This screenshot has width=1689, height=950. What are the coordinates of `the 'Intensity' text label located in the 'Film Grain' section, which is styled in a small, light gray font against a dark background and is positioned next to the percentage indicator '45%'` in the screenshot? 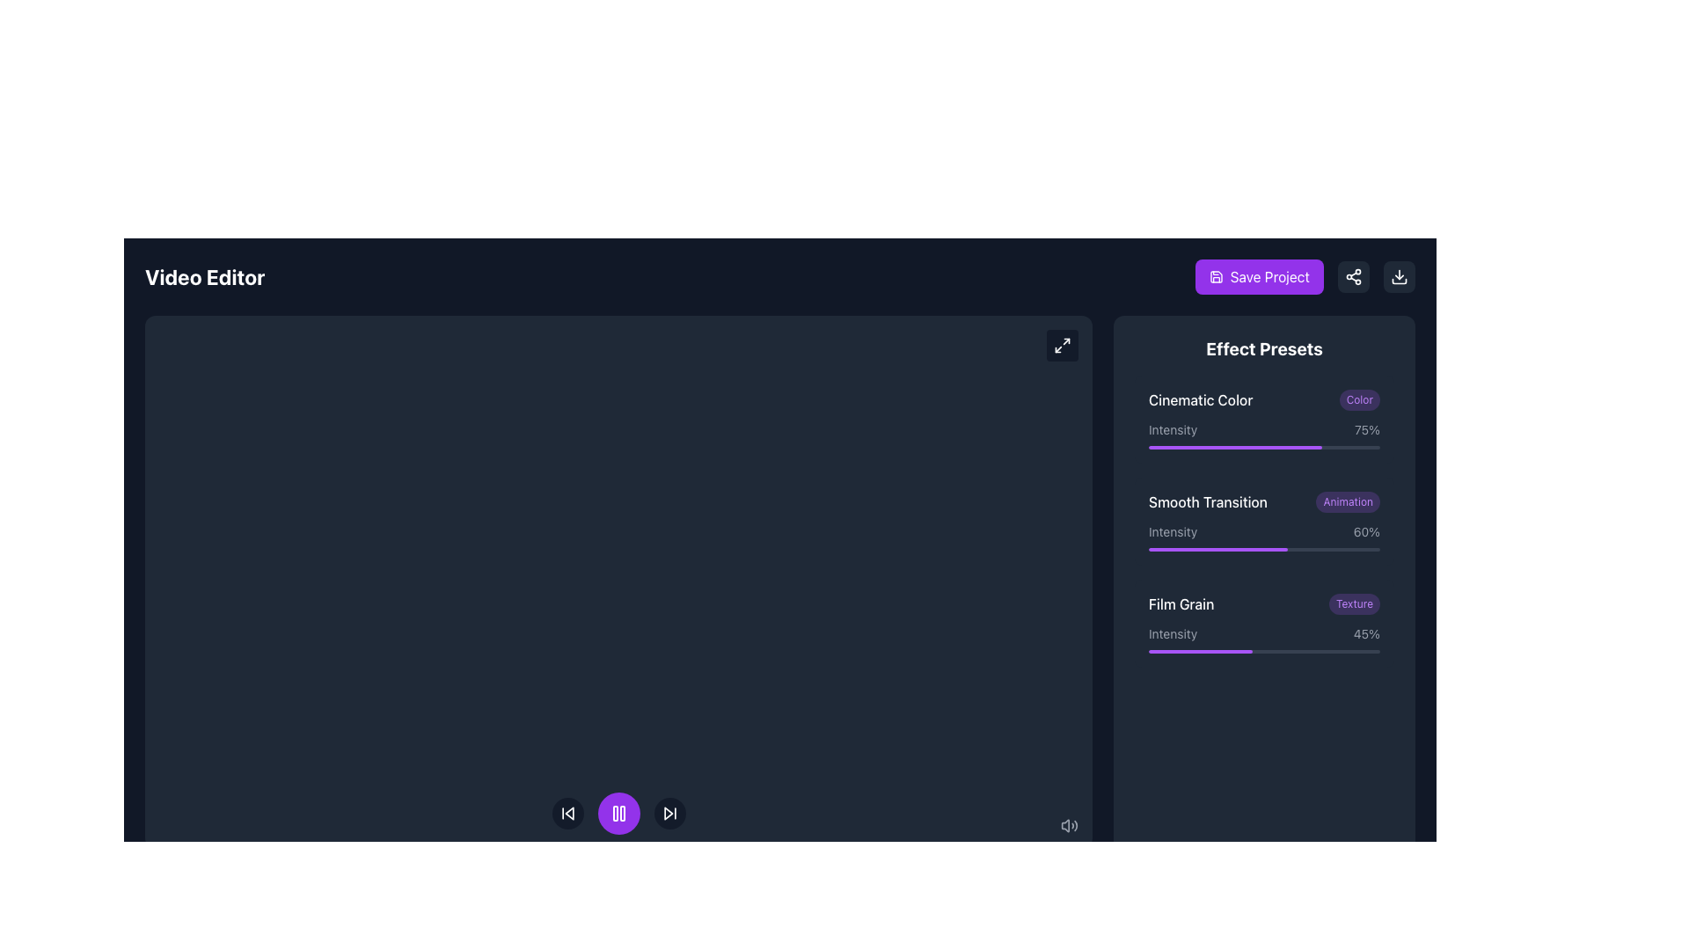 It's located at (1173, 634).